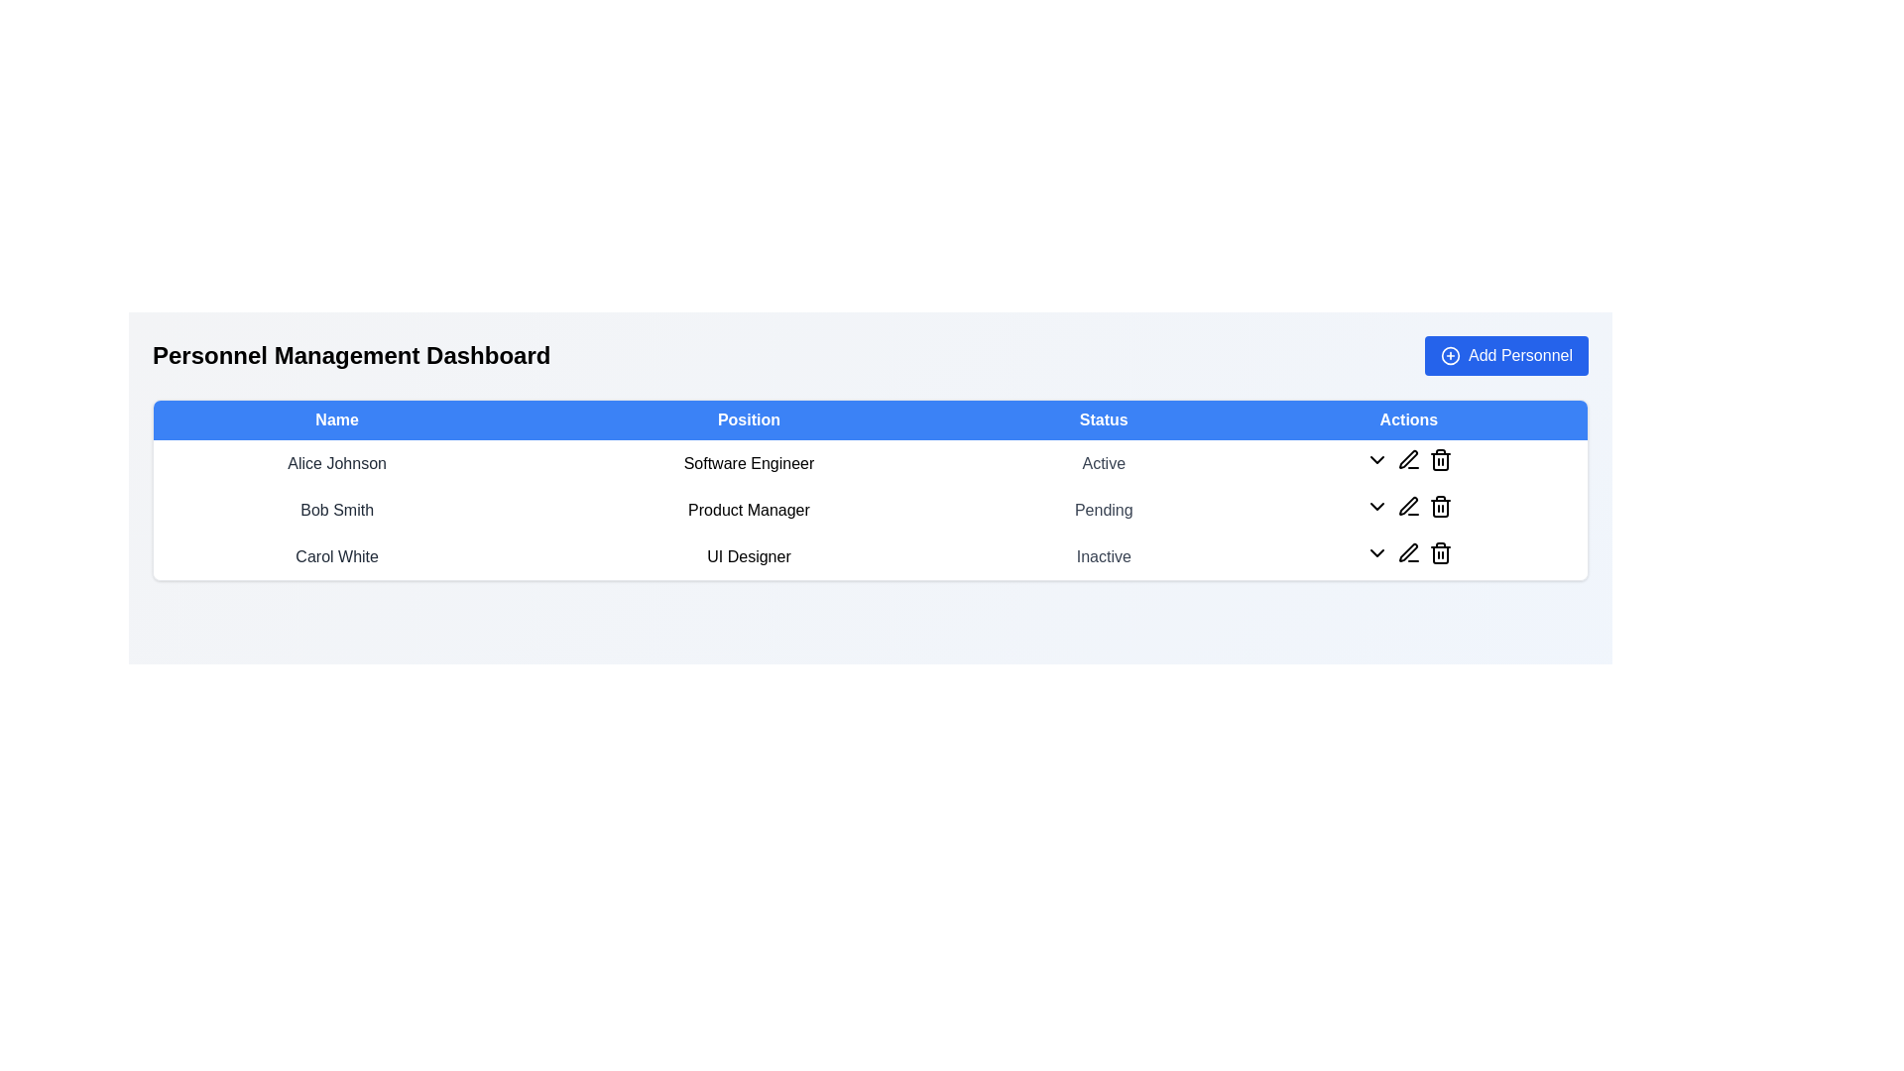  What do you see at coordinates (1440, 462) in the screenshot?
I see `the outline of the trash can icon located in the 'Actions' column of the first row in the personnel management table` at bounding box center [1440, 462].